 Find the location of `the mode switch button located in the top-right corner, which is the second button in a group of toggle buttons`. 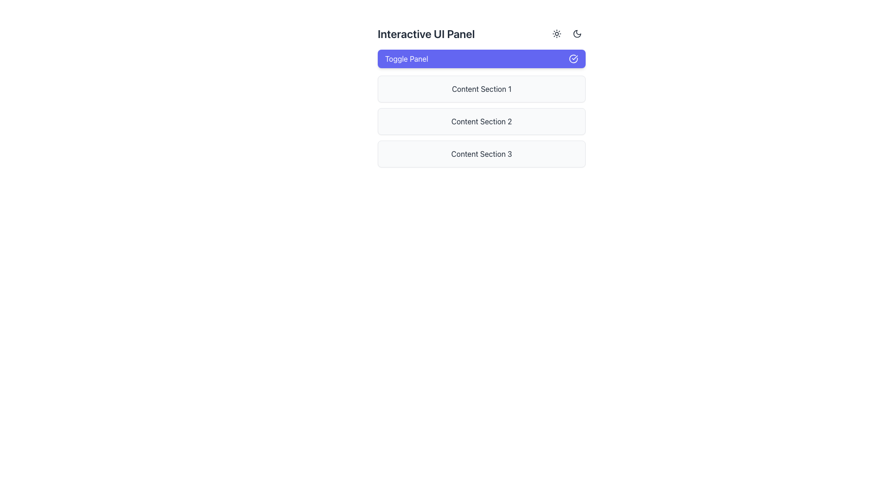

the mode switch button located in the top-right corner, which is the second button in a group of toggle buttons is located at coordinates (576, 33).